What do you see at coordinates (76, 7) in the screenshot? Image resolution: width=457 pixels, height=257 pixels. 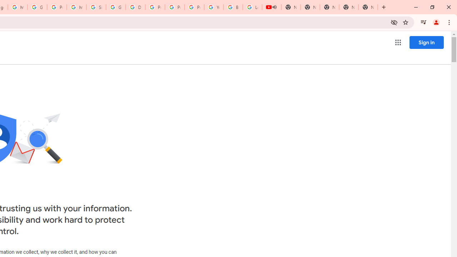 I see `'https://scholar.google.com/'` at bounding box center [76, 7].